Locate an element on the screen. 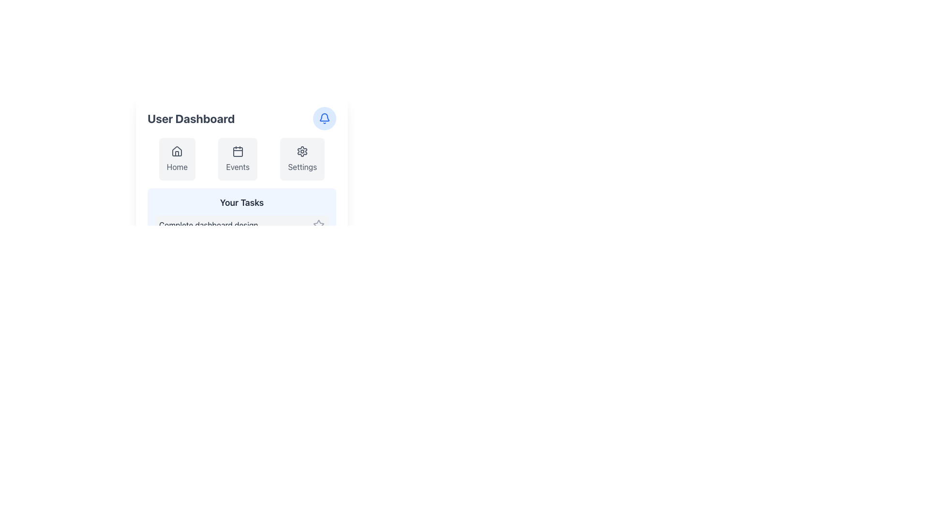 This screenshot has height=523, width=929. the 'Events' icon, which is centrally located above the text label 'Events' in a group of three icons including 'Home', 'Events', and 'Settings' is located at coordinates (238, 151).